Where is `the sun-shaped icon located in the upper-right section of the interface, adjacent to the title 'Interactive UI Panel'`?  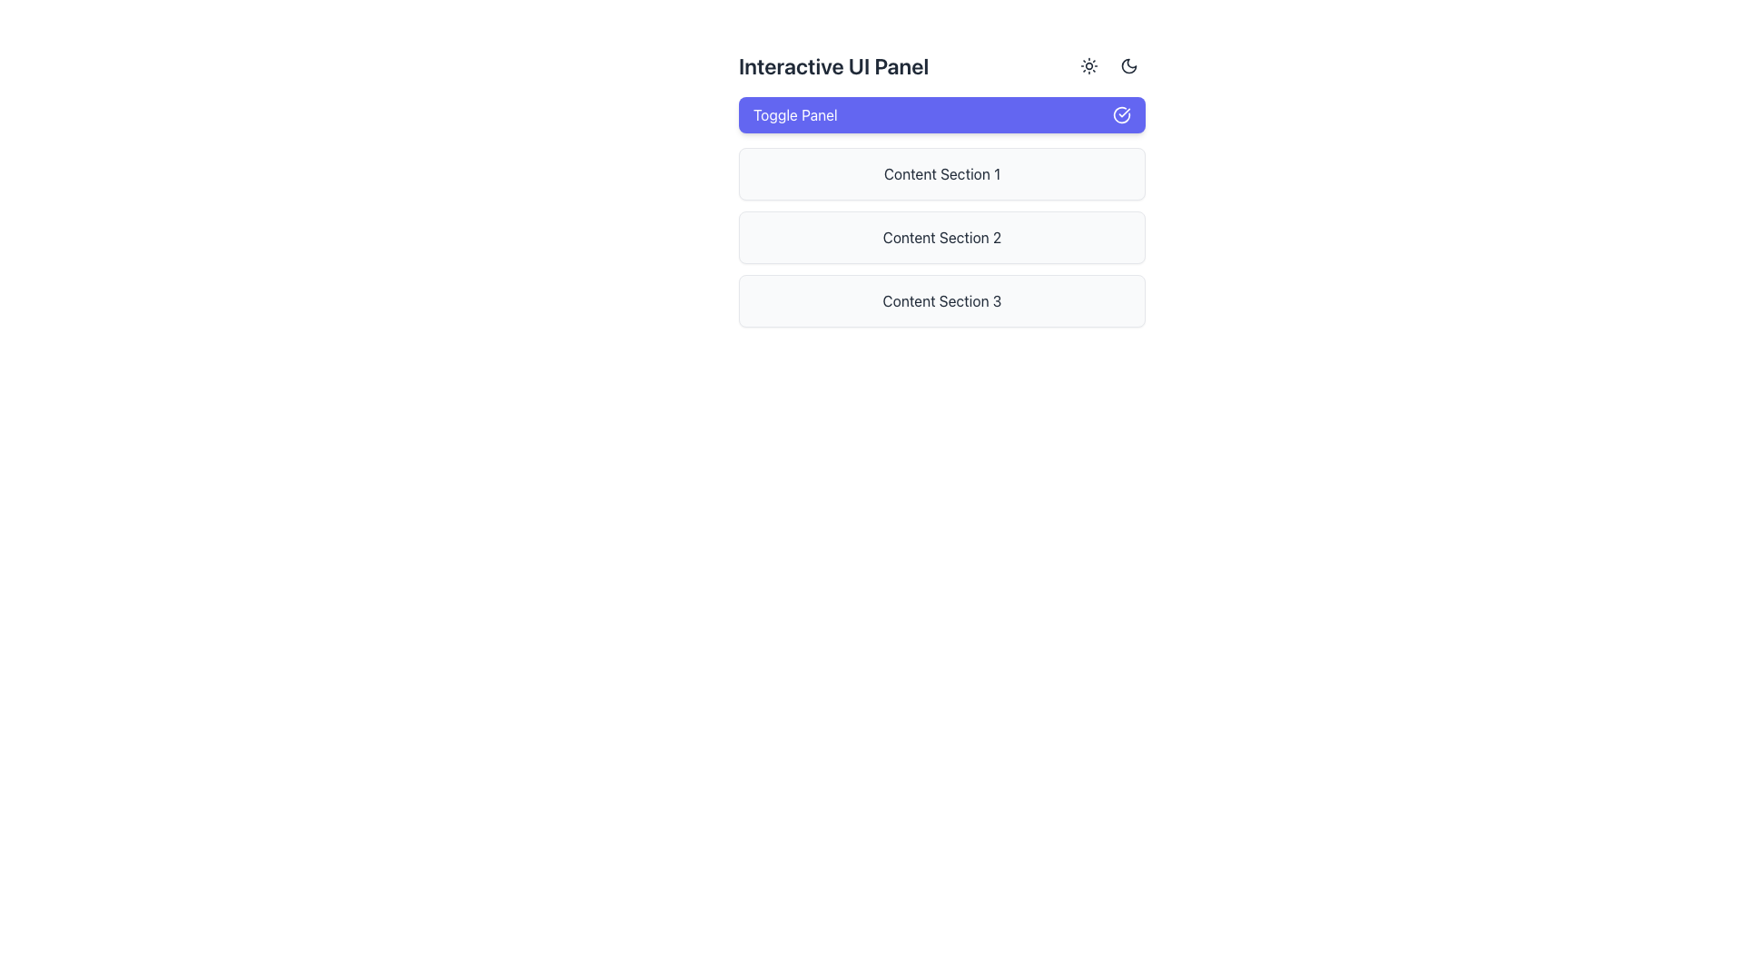
the sun-shaped icon located in the upper-right section of the interface, adjacent to the title 'Interactive UI Panel' is located at coordinates (1089, 65).